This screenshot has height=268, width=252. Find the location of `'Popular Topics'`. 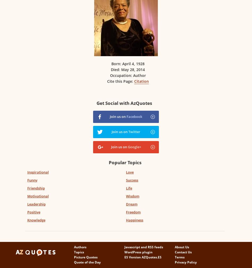

'Popular Topics' is located at coordinates (124, 162).